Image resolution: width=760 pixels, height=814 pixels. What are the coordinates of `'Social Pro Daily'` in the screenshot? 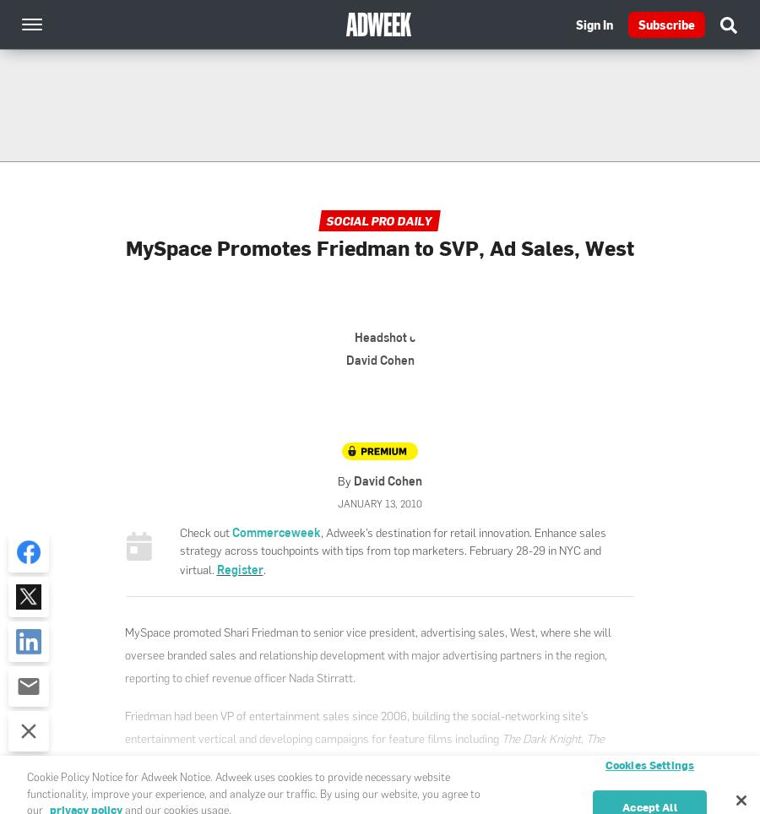 It's located at (378, 220).